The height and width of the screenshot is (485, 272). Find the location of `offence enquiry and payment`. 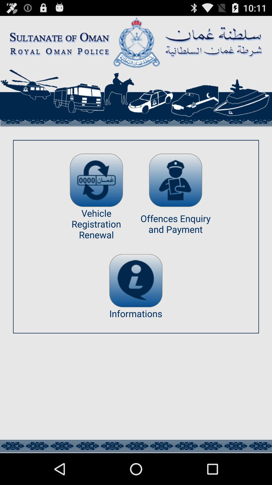

offence enquiry and payment is located at coordinates (175, 180).